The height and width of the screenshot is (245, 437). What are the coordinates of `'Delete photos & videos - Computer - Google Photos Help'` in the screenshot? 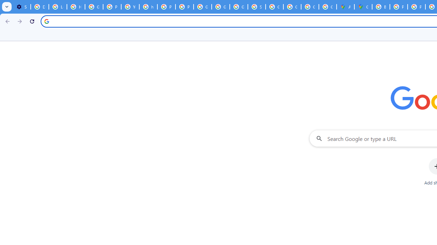 It's located at (39, 7).